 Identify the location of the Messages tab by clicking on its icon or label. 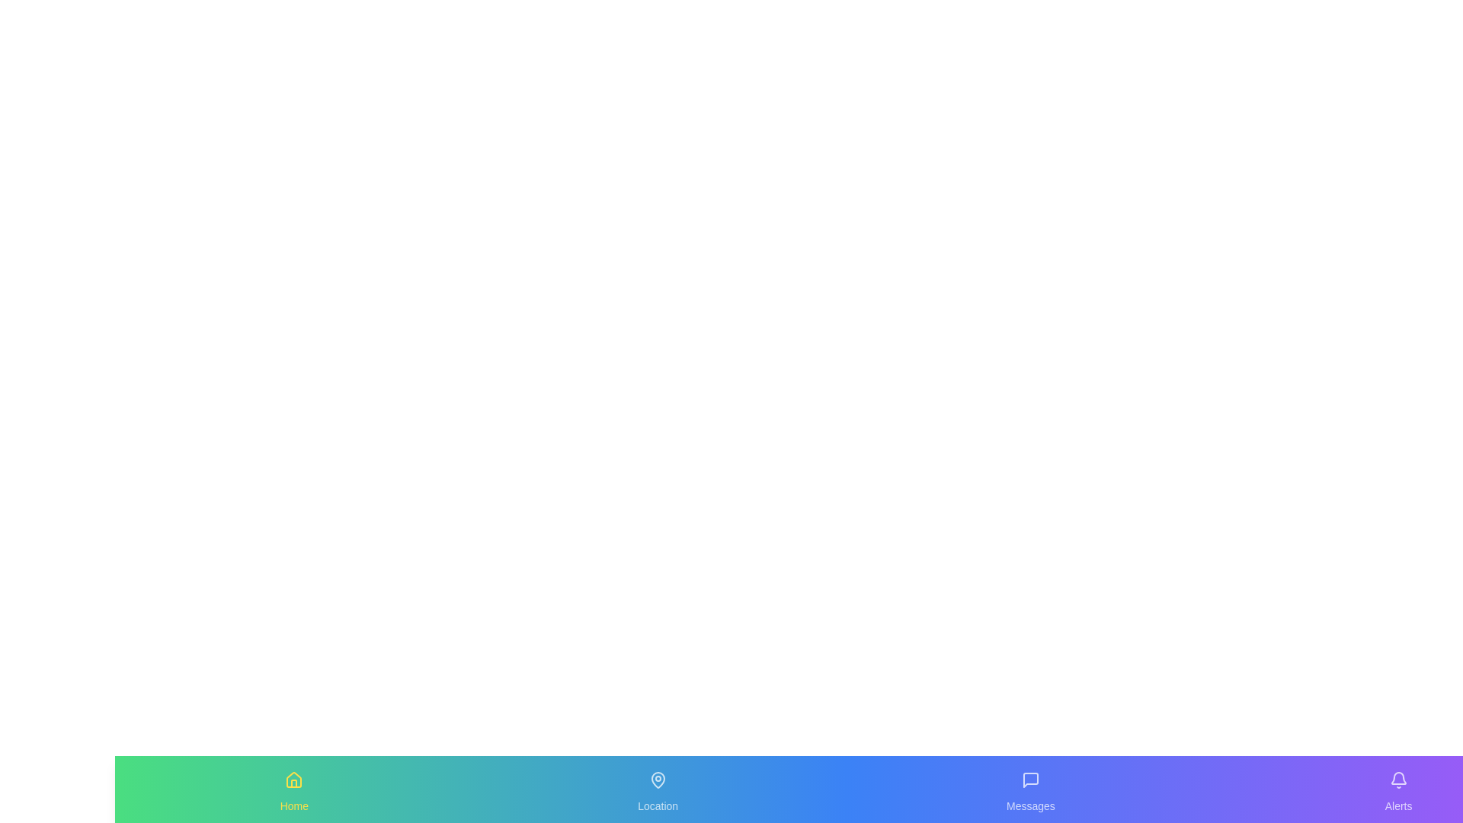
(1030, 789).